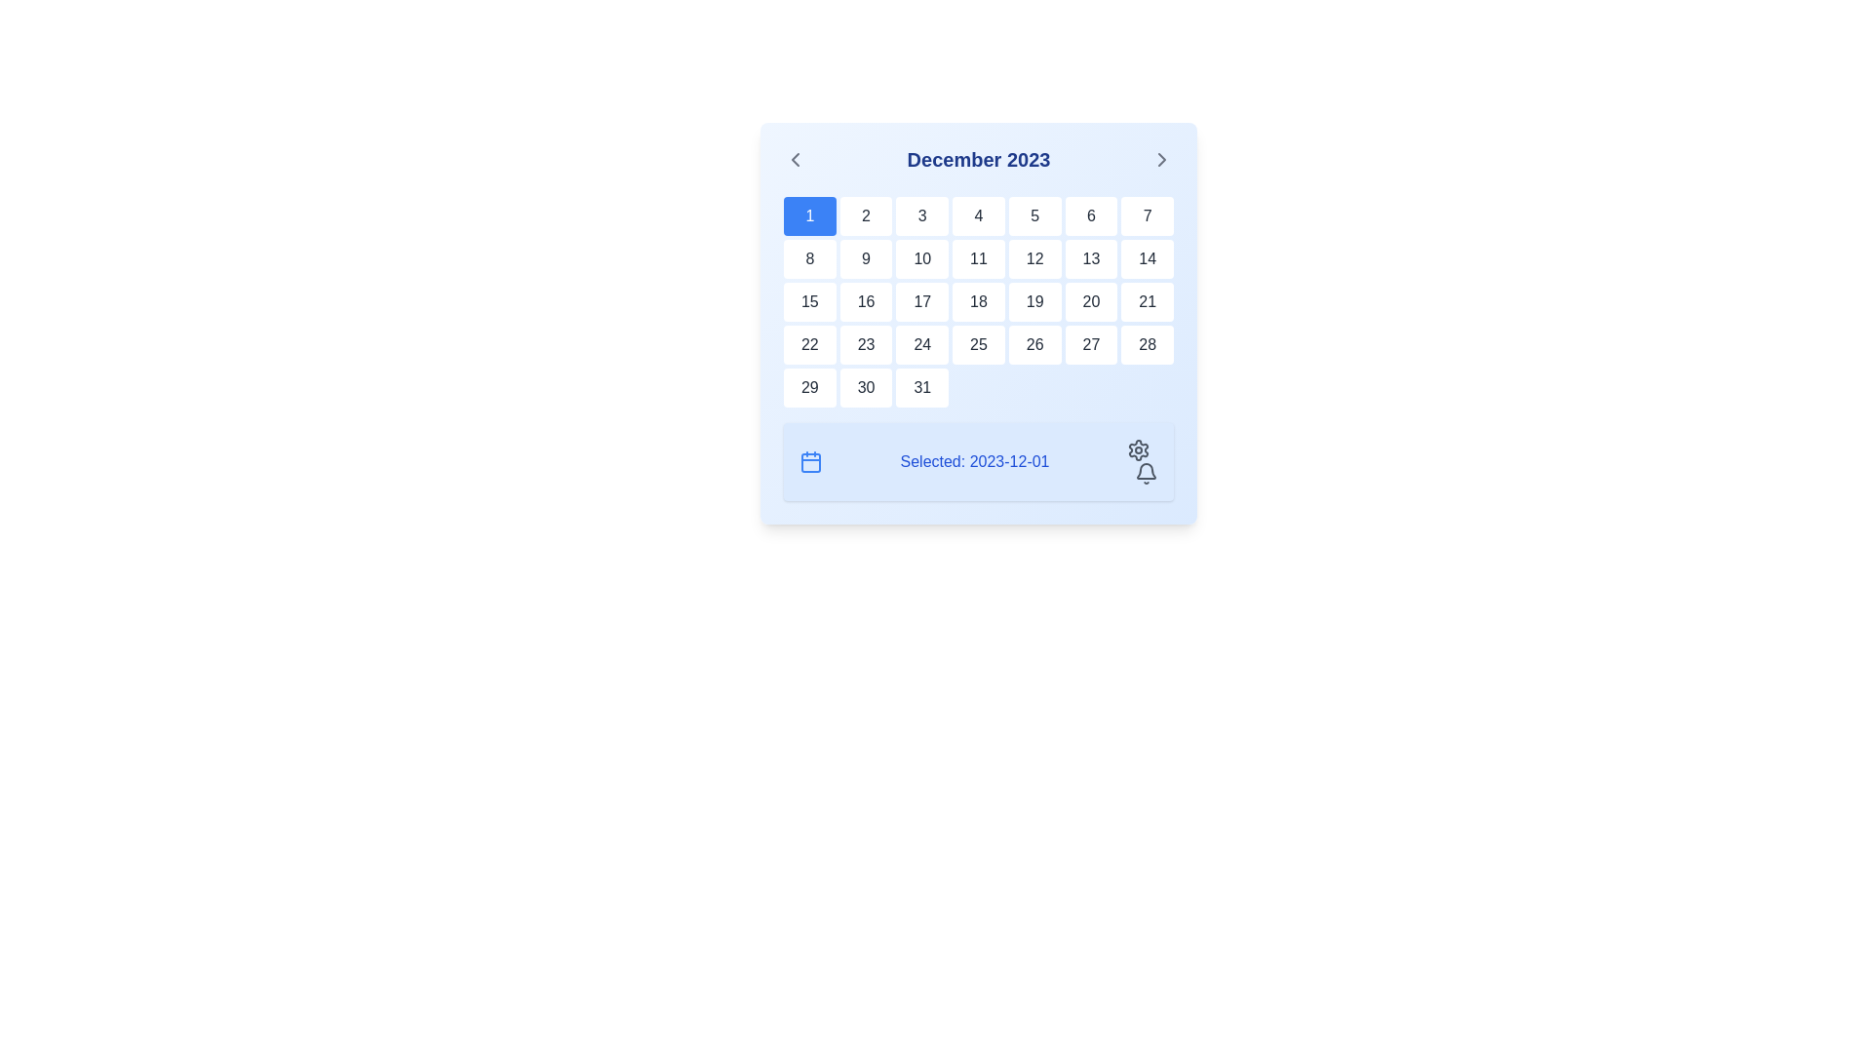  I want to click on the text item representing the 14th day of the month in the calendar layout, so click(1148, 258).